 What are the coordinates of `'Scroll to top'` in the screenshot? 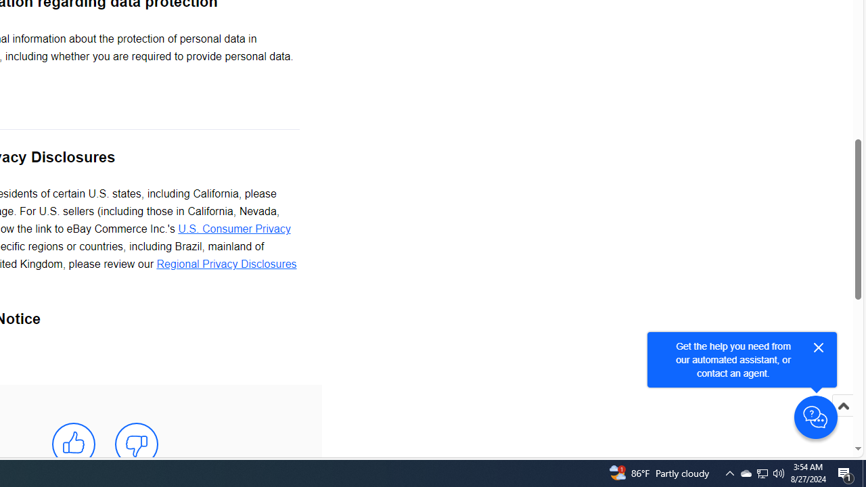 It's located at (842, 419).